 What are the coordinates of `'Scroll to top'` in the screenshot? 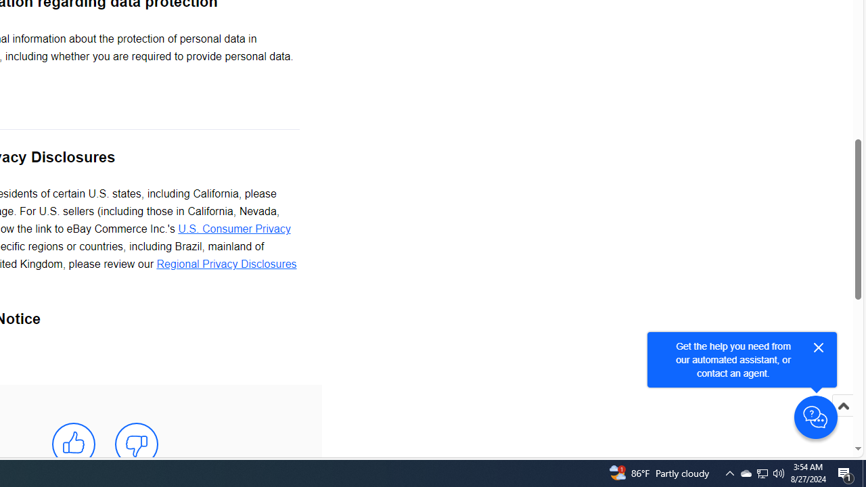 It's located at (842, 419).